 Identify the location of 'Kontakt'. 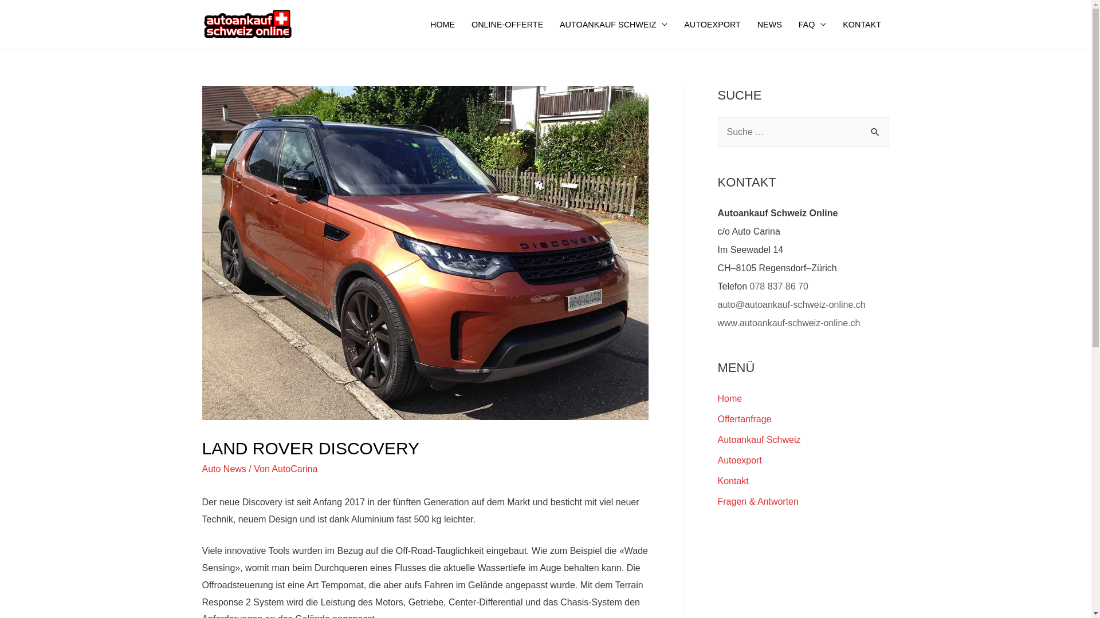
(717, 481).